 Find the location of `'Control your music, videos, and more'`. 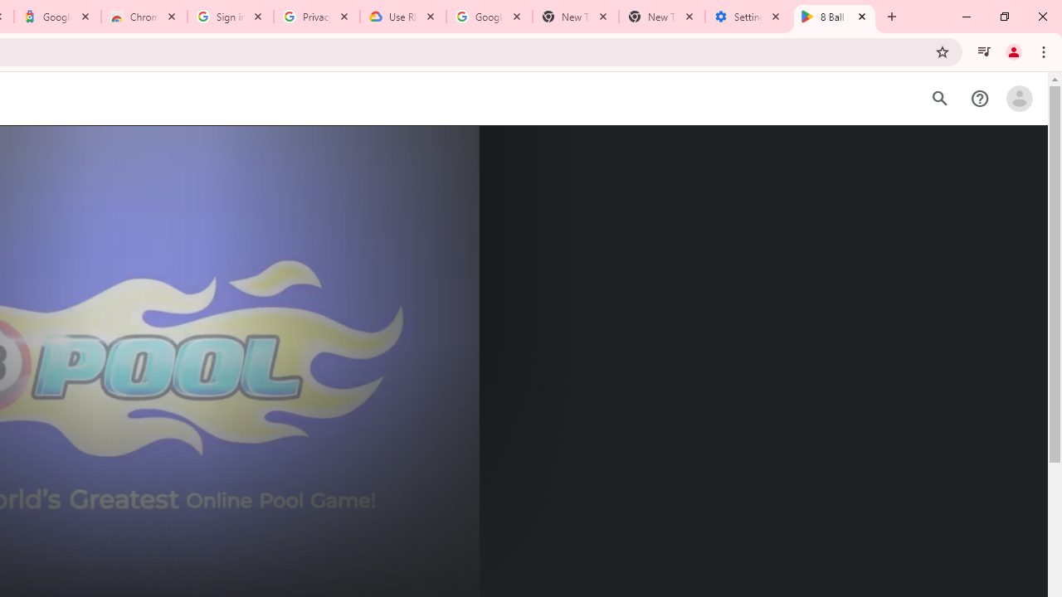

'Control your music, videos, and more' is located at coordinates (983, 51).